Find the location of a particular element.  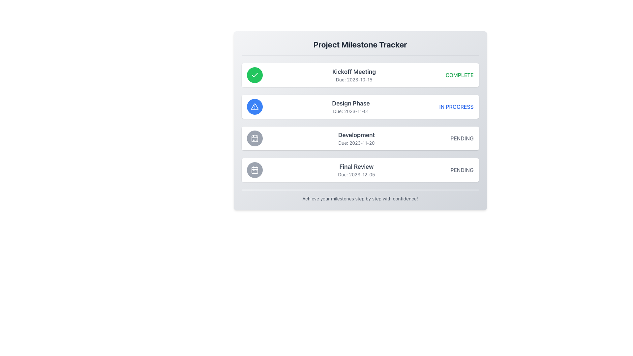

the second list item in the Project Milestone Tracker, which has a white background, displays 'Design Phase', 'Due: 2023-11-01', and 'IN PROGRESS' with a blue circular icon and bold text on the right is located at coordinates (360, 106).